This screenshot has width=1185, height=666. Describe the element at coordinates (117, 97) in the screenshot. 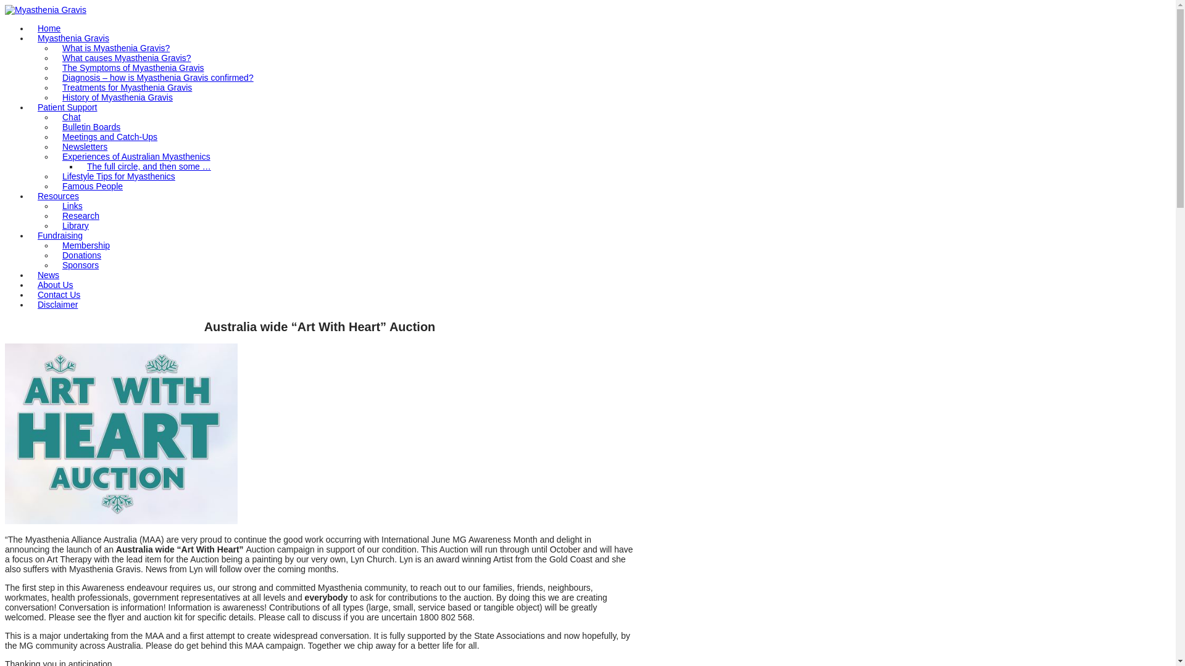

I see `'History of Myasthenia Gravis'` at that location.